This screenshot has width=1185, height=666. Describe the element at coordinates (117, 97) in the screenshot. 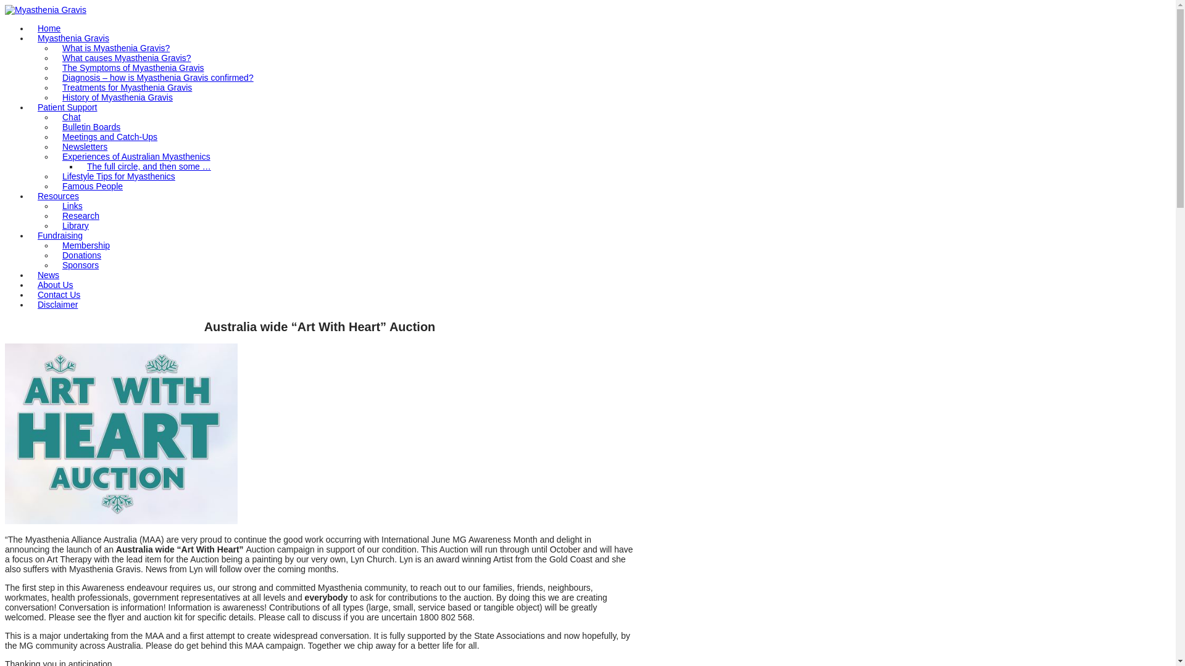

I see `'History of Myasthenia Gravis'` at that location.